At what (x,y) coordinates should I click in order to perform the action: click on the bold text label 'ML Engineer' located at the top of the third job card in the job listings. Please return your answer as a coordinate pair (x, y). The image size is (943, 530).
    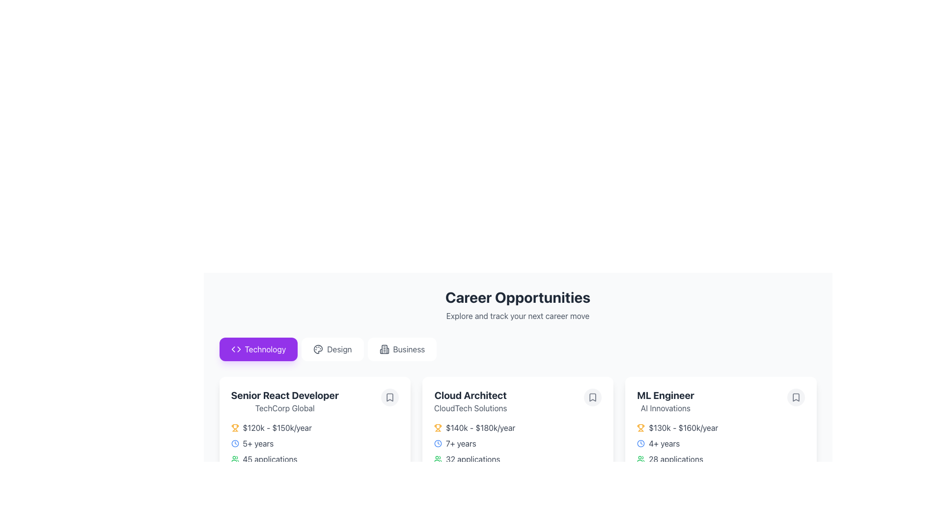
    Looking at the image, I should click on (666, 395).